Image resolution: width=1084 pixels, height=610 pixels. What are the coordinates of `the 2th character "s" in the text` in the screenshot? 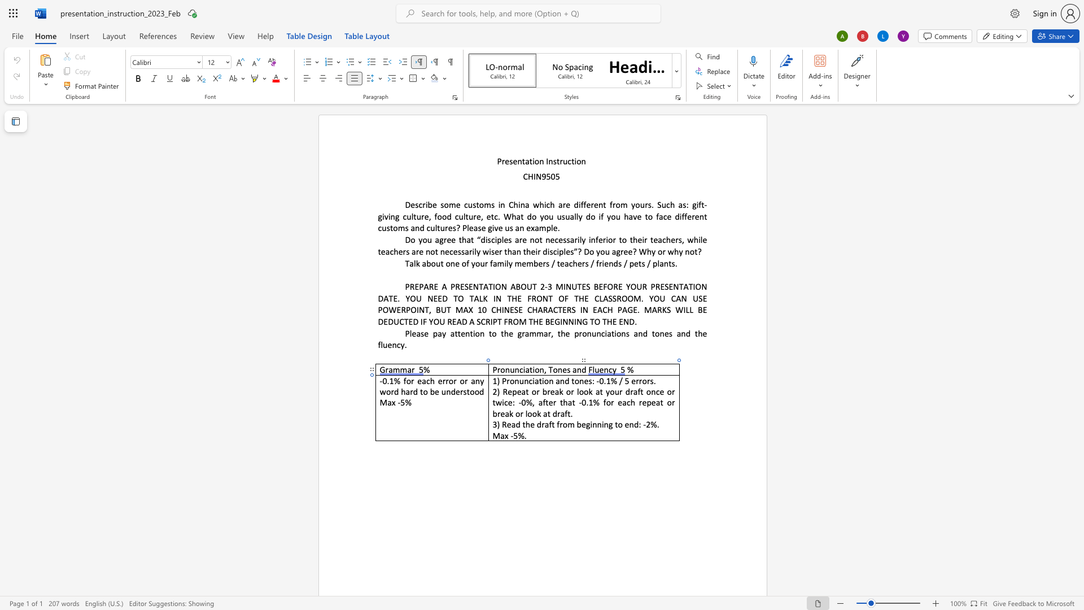 It's located at (652, 381).